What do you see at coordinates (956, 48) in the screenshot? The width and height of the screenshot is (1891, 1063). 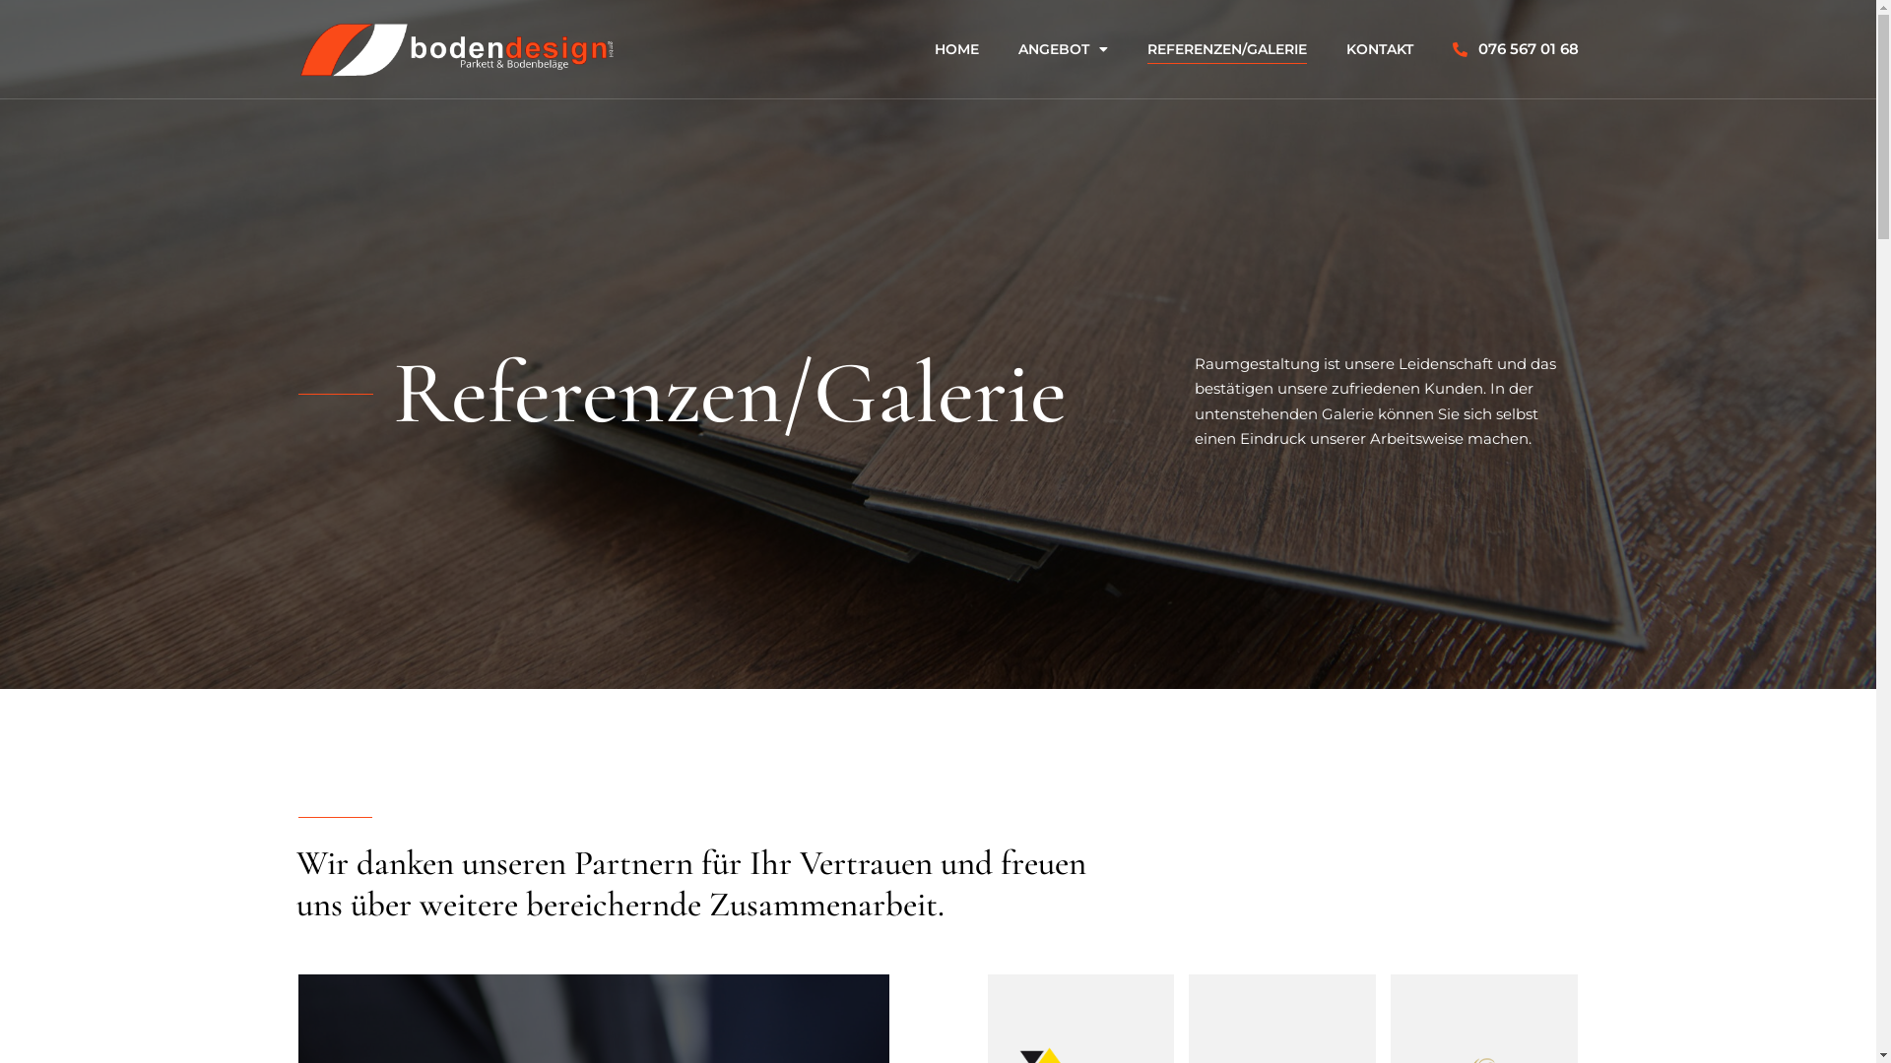 I see `'HOME'` at bounding box center [956, 48].